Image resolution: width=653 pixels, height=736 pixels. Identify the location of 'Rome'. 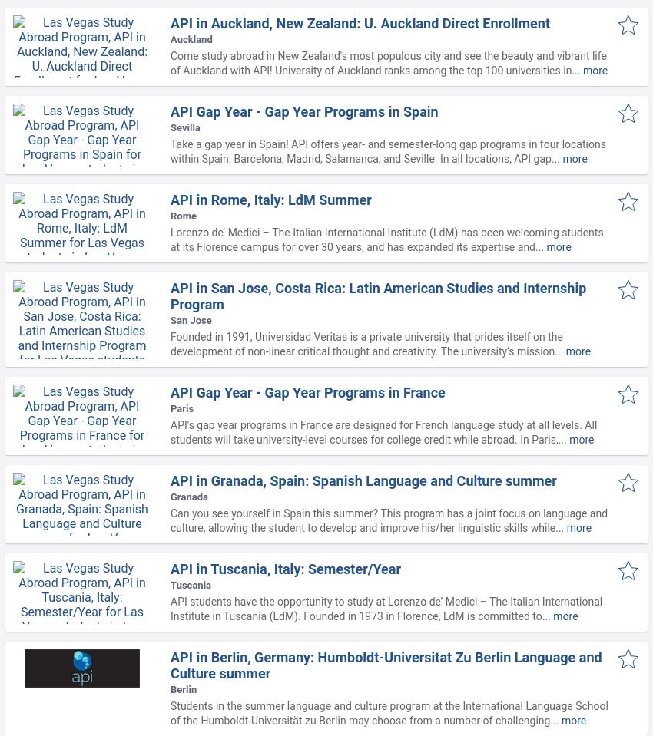
(183, 215).